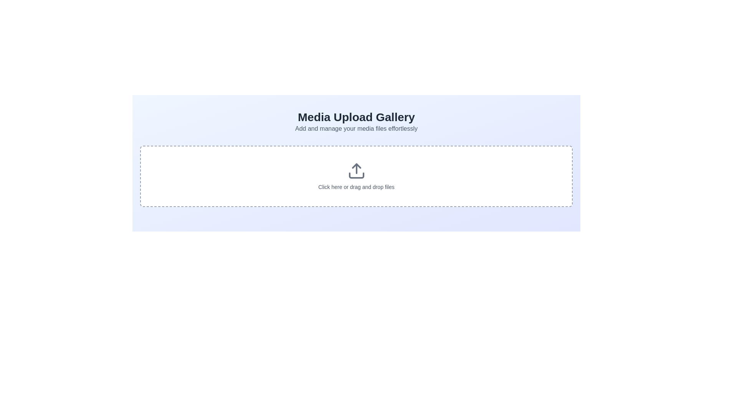 This screenshot has height=414, width=737. What do you see at coordinates (356, 128) in the screenshot?
I see `the text label that reads 'Add and manage your media files effortlessly.' which is styled in gray and positioned below the 'Media Upload Gallery' heading` at bounding box center [356, 128].